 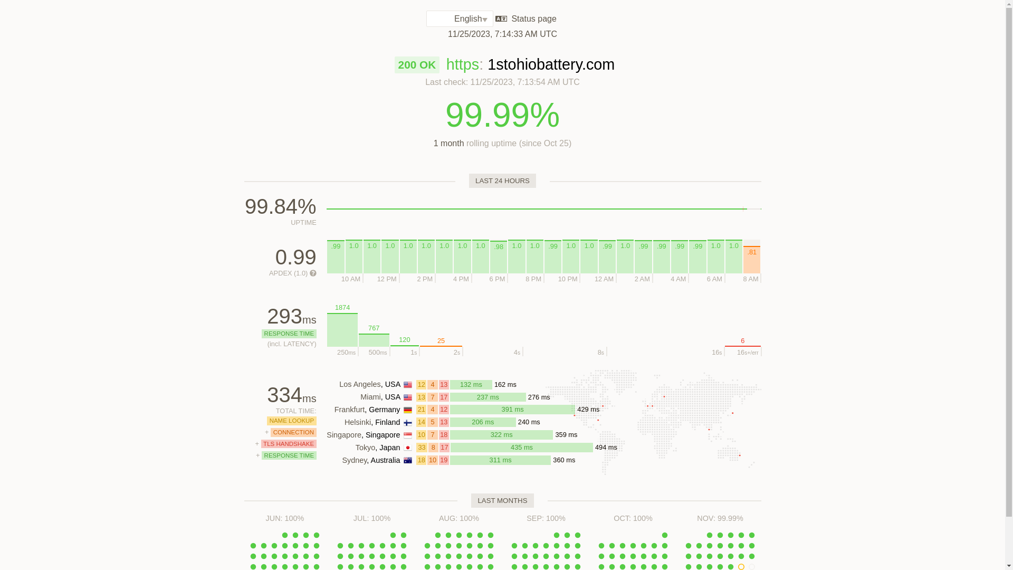 I want to click on '<small>Jul 03:</small> No downtime', so click(x=340, y=545).